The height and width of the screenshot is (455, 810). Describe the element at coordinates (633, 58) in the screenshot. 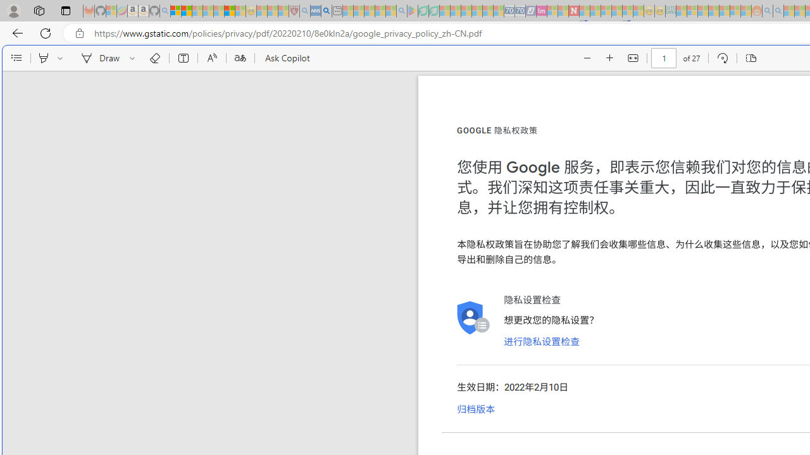

I see `'Fit to width (Ctrl+\)'` at that location.